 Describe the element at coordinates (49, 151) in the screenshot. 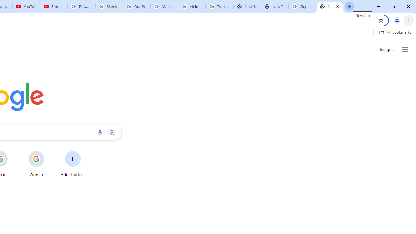

I see `'More actions for Sign in shortcut'` at that location.